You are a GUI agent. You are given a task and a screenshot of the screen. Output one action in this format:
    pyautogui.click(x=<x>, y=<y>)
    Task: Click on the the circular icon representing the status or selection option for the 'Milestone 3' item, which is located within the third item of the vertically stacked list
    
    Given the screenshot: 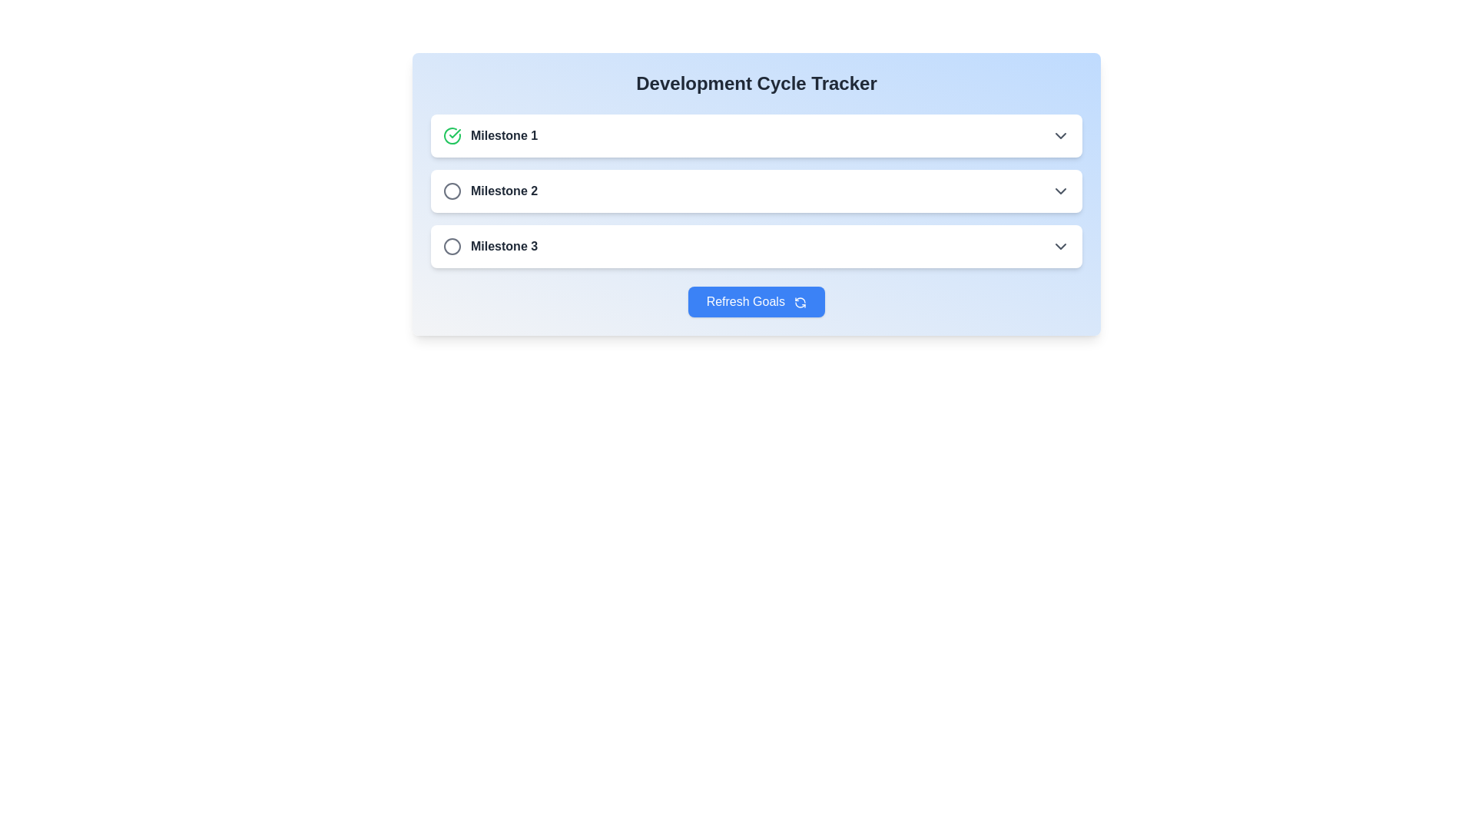 What is the action you would take?
    pyautogui.click(x=452, y=245)
    